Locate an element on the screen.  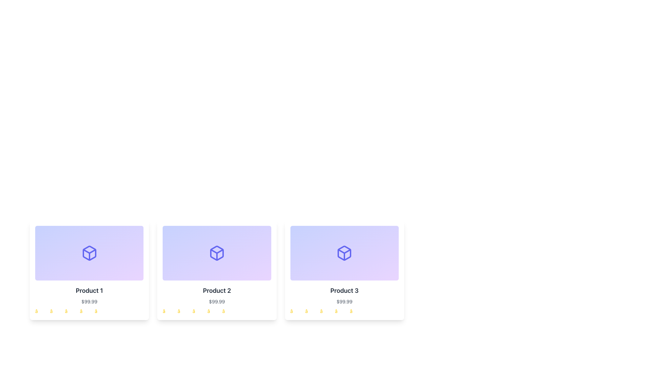
the product icon located at the top center of the second card titled 'Product 2' is located at coordinates (216, 253).